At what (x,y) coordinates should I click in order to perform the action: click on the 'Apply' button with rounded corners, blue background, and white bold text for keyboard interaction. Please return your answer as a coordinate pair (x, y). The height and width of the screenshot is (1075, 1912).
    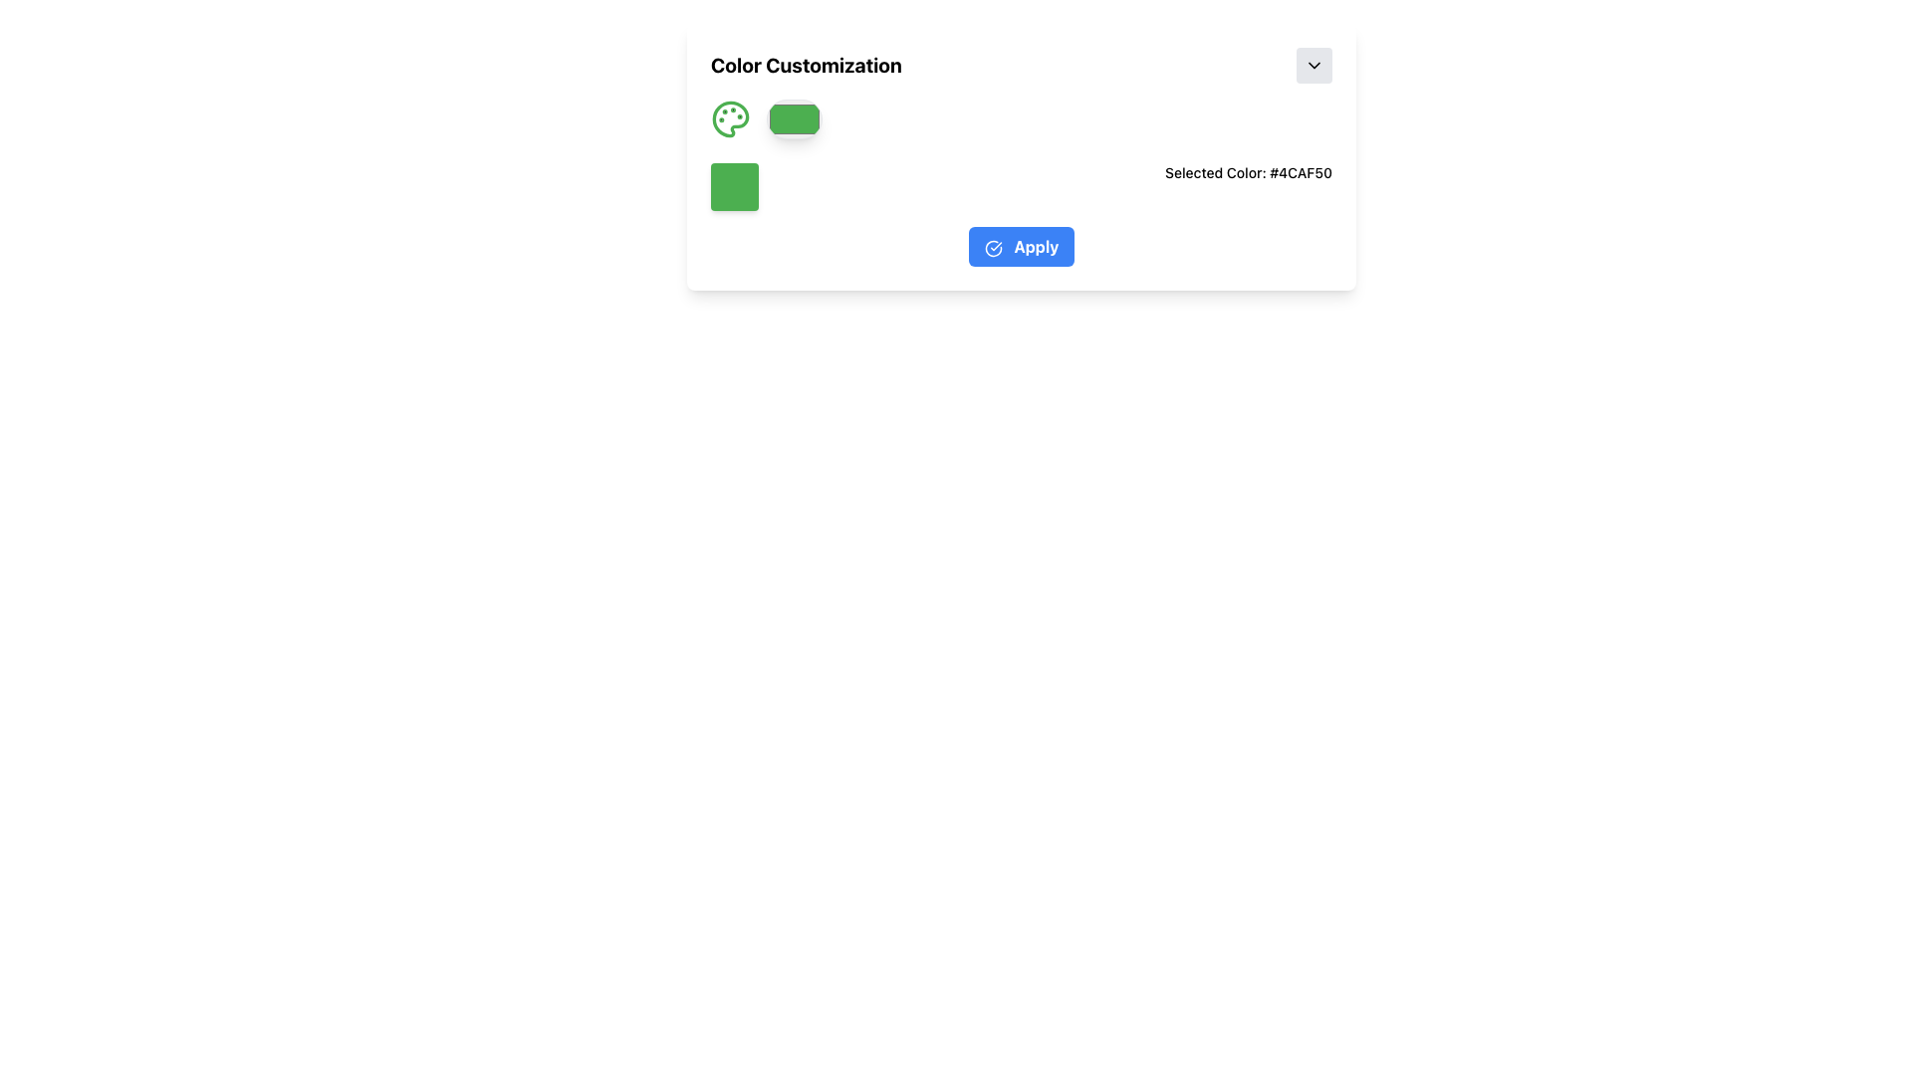
    Looking at the image, I should click on (1022, 245).